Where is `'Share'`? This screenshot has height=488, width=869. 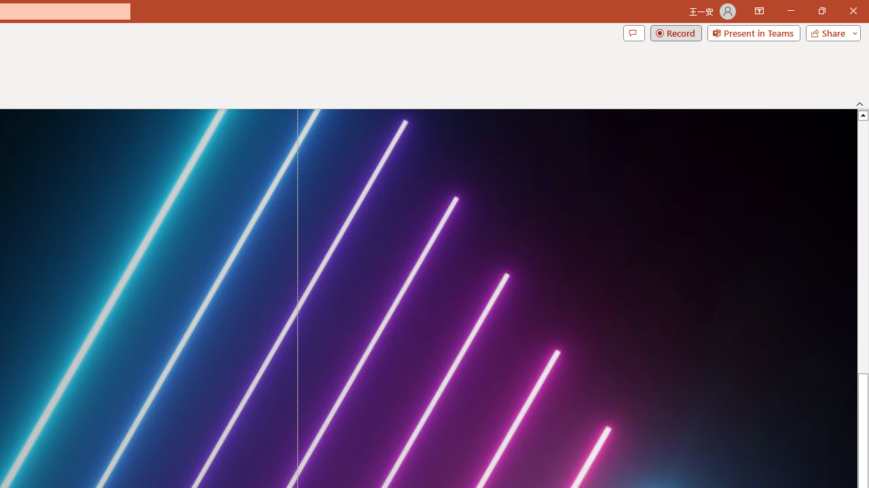
'Share' is located at coordinates (830, 32).